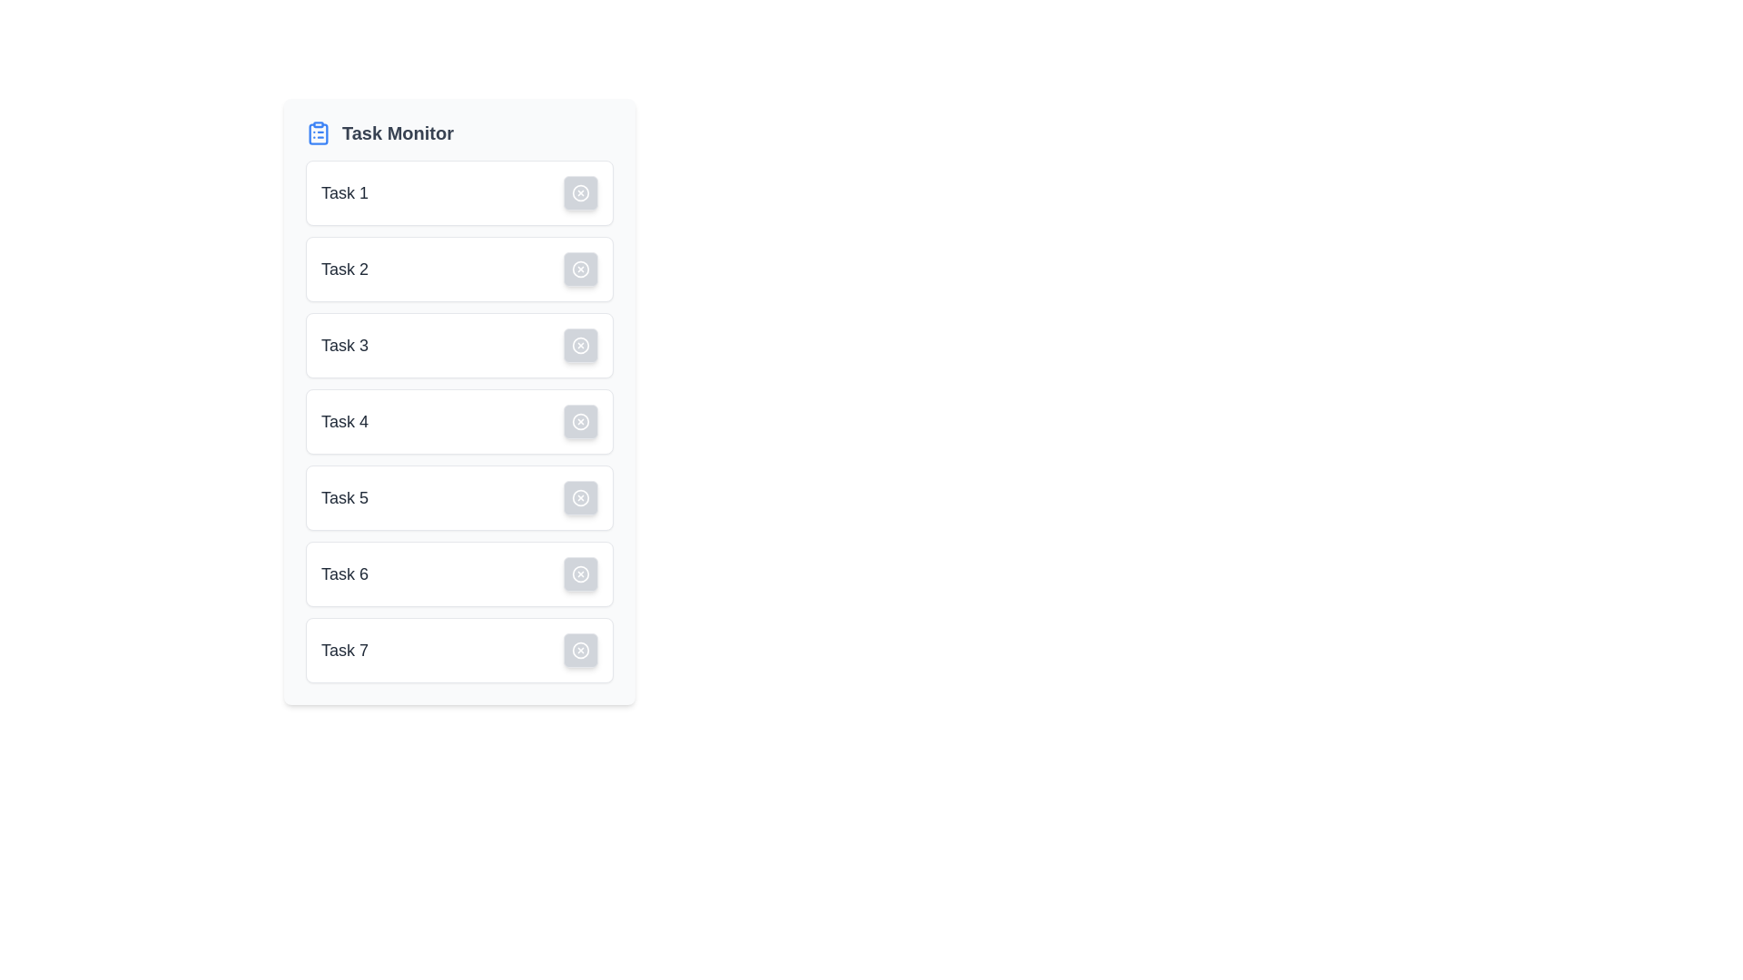 This screenshot has height=980, width=1743. Describe the element at coordinates (579, 346) in the screenshot. I see `the dismiss or cancel button for 'Task 3' to observe potential hover effects` at that location.